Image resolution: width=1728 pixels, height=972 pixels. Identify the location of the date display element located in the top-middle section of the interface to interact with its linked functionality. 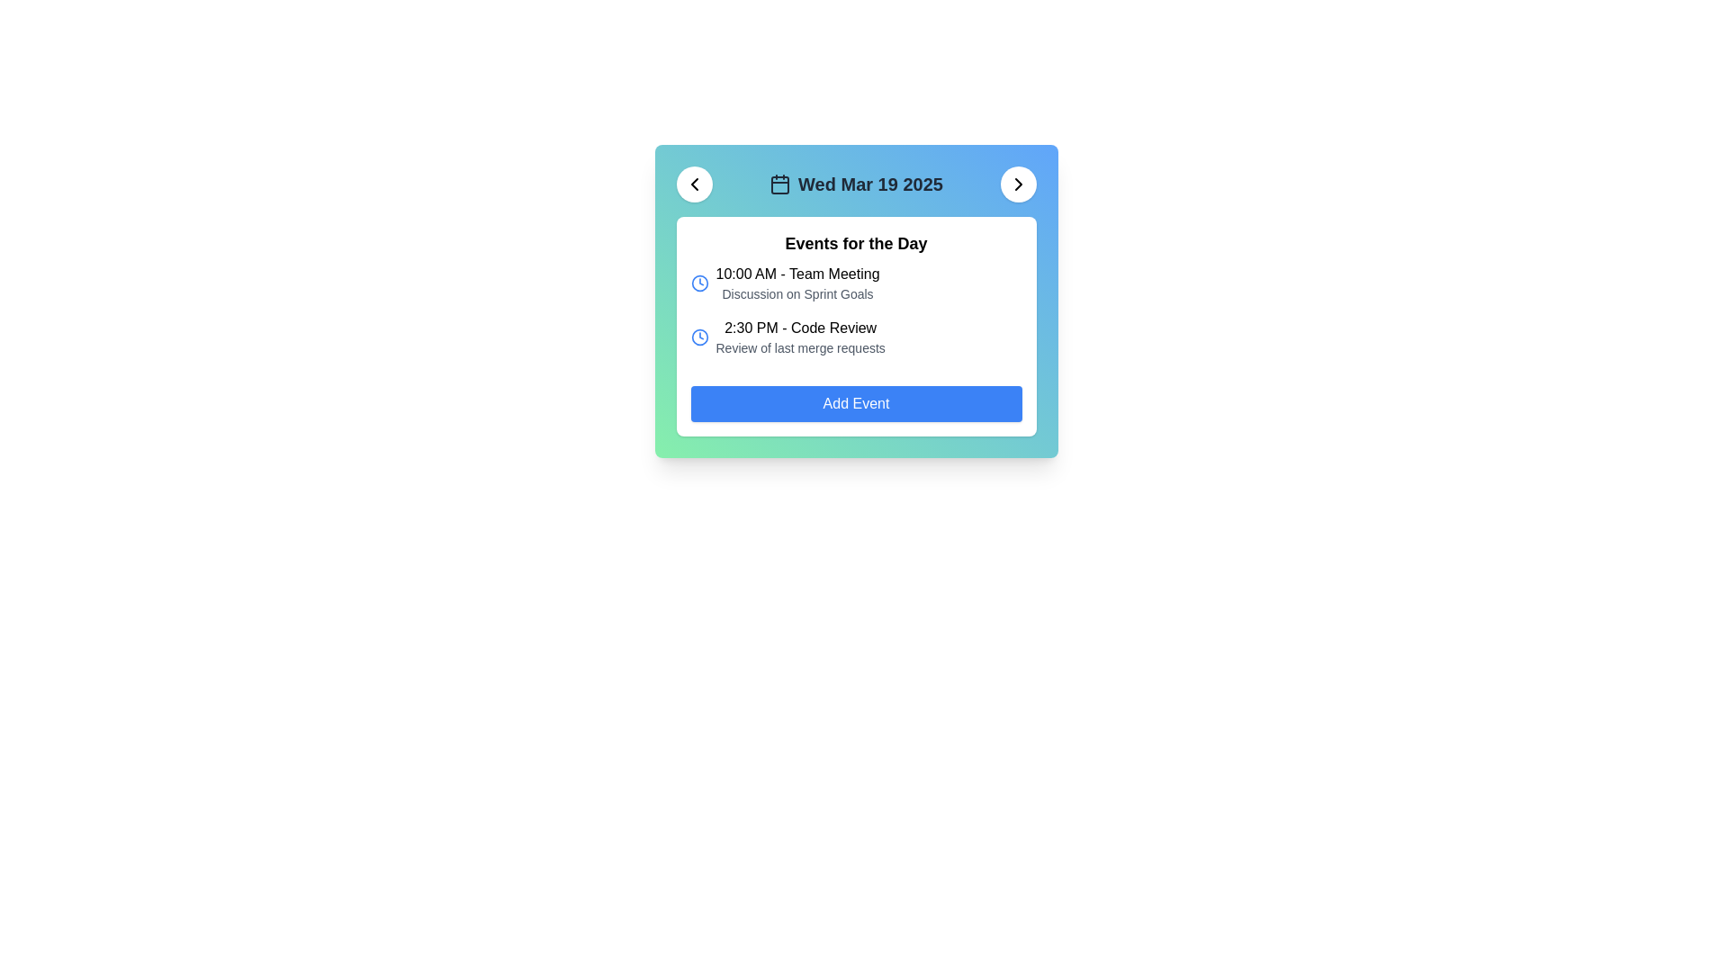
(855, 184).